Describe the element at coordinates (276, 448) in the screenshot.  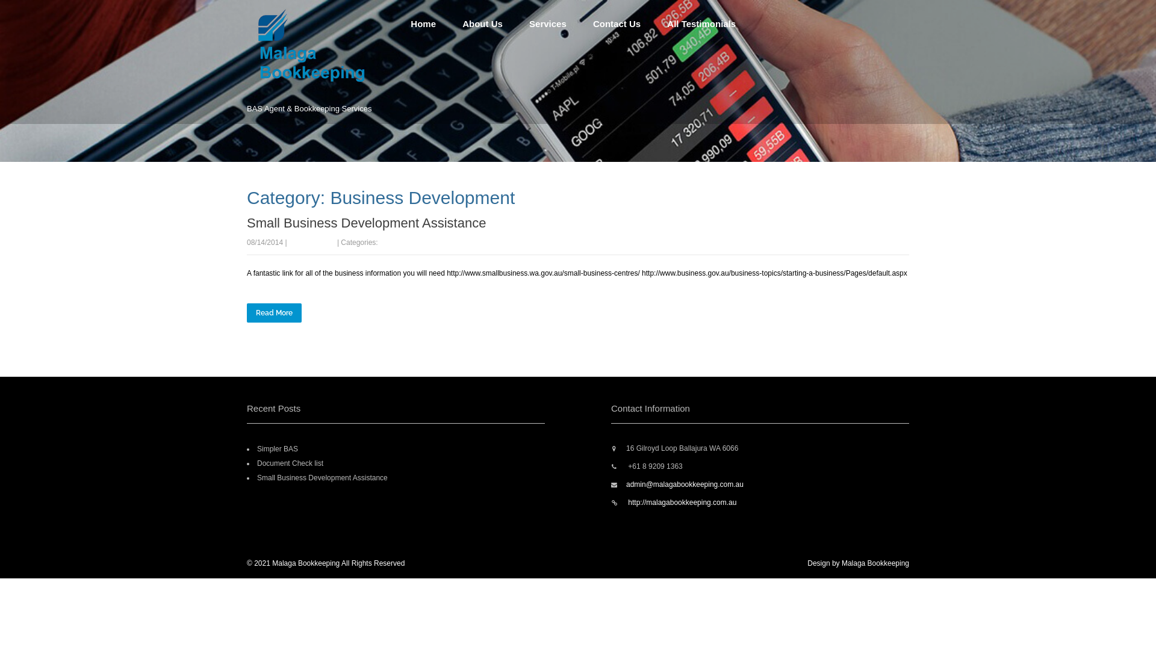
I see `'Simpler BAS'` at that location.